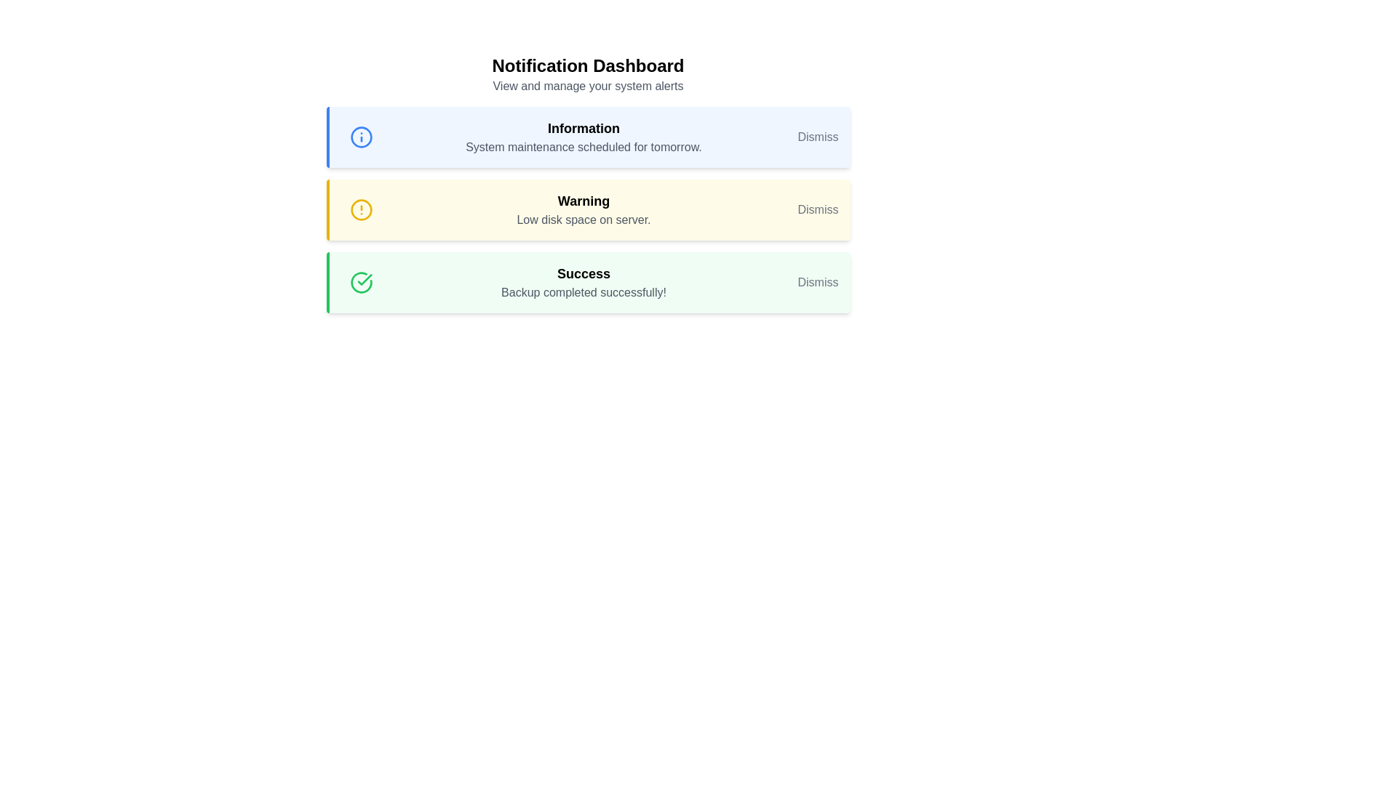  I want to click on text label that displays 'System maintenance scheduled for tomorrow.' located in the blue-highlighted notification block titled 'Information', so click(584, 148).